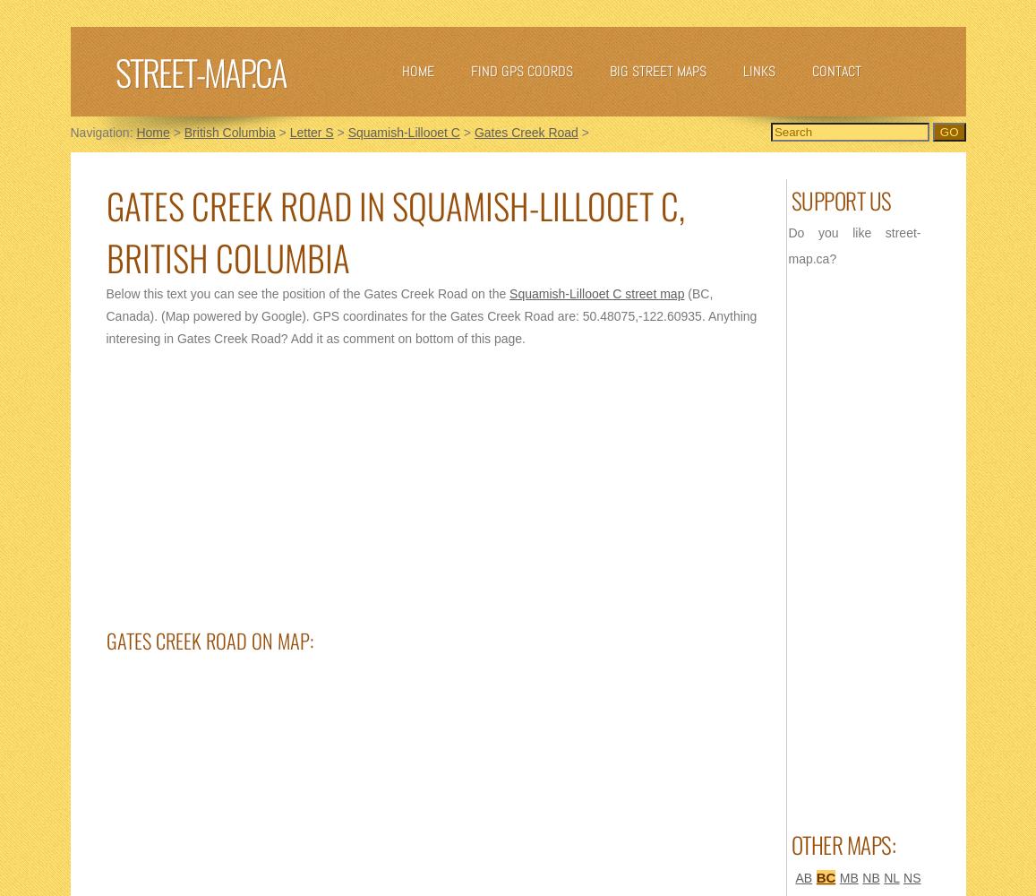 The width and height of the screenshot is (1036, 896). I want to click on 'Squamish-Lillooet C', so click(402, 133).